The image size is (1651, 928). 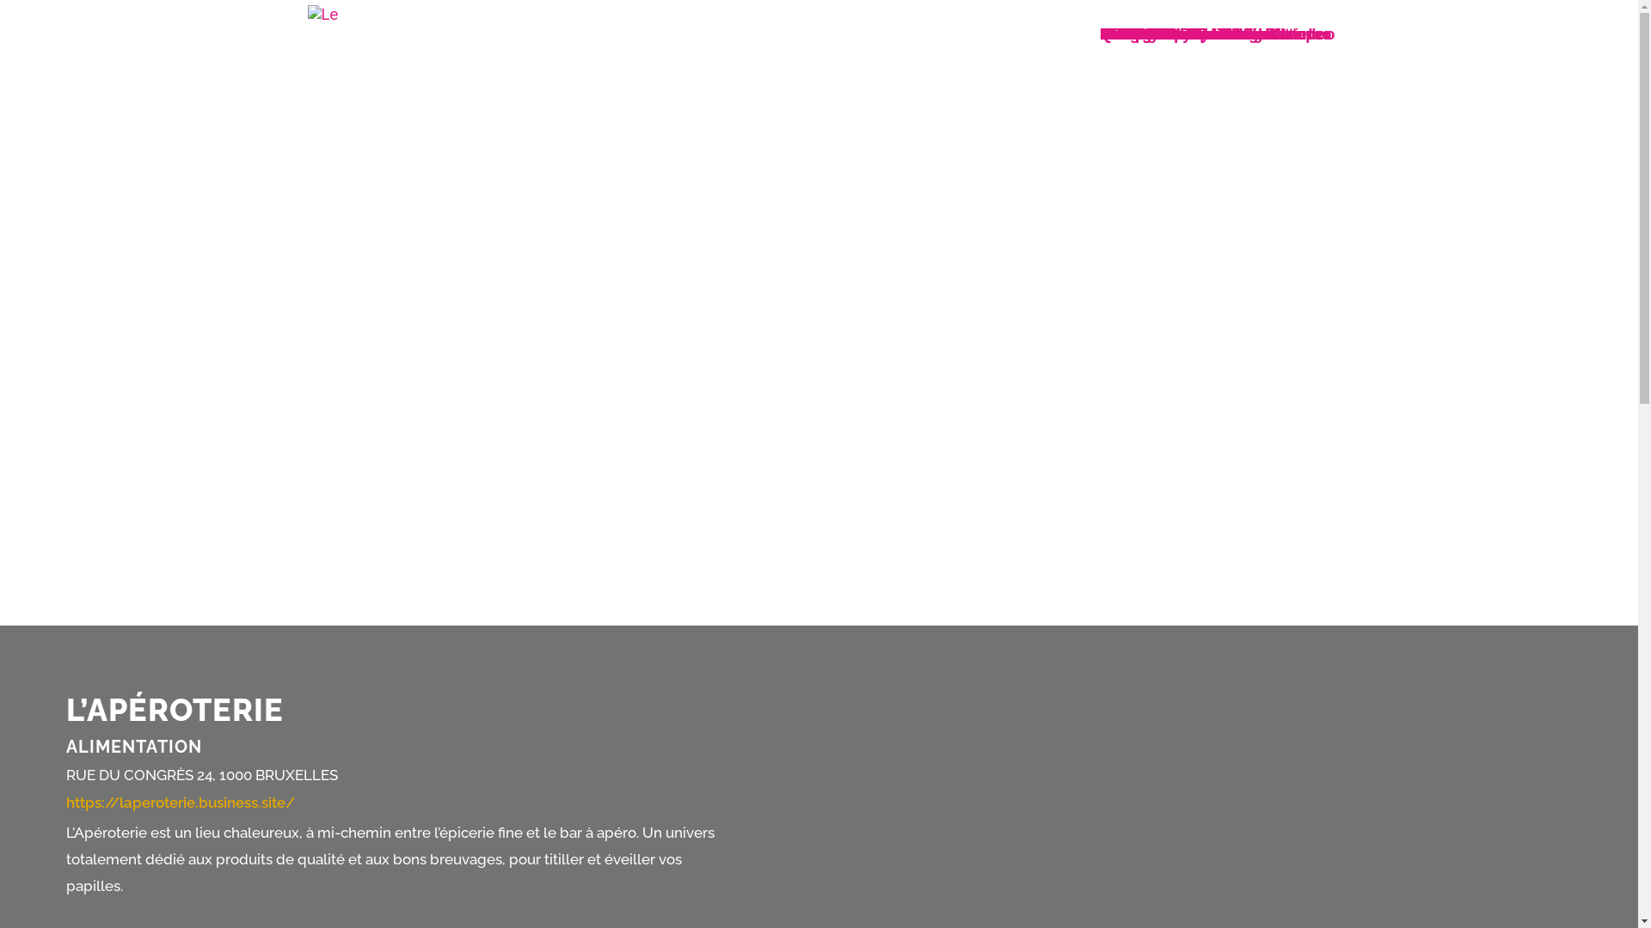 I want to click on 'Louise - Bailli', so click(x=1150, y=34).